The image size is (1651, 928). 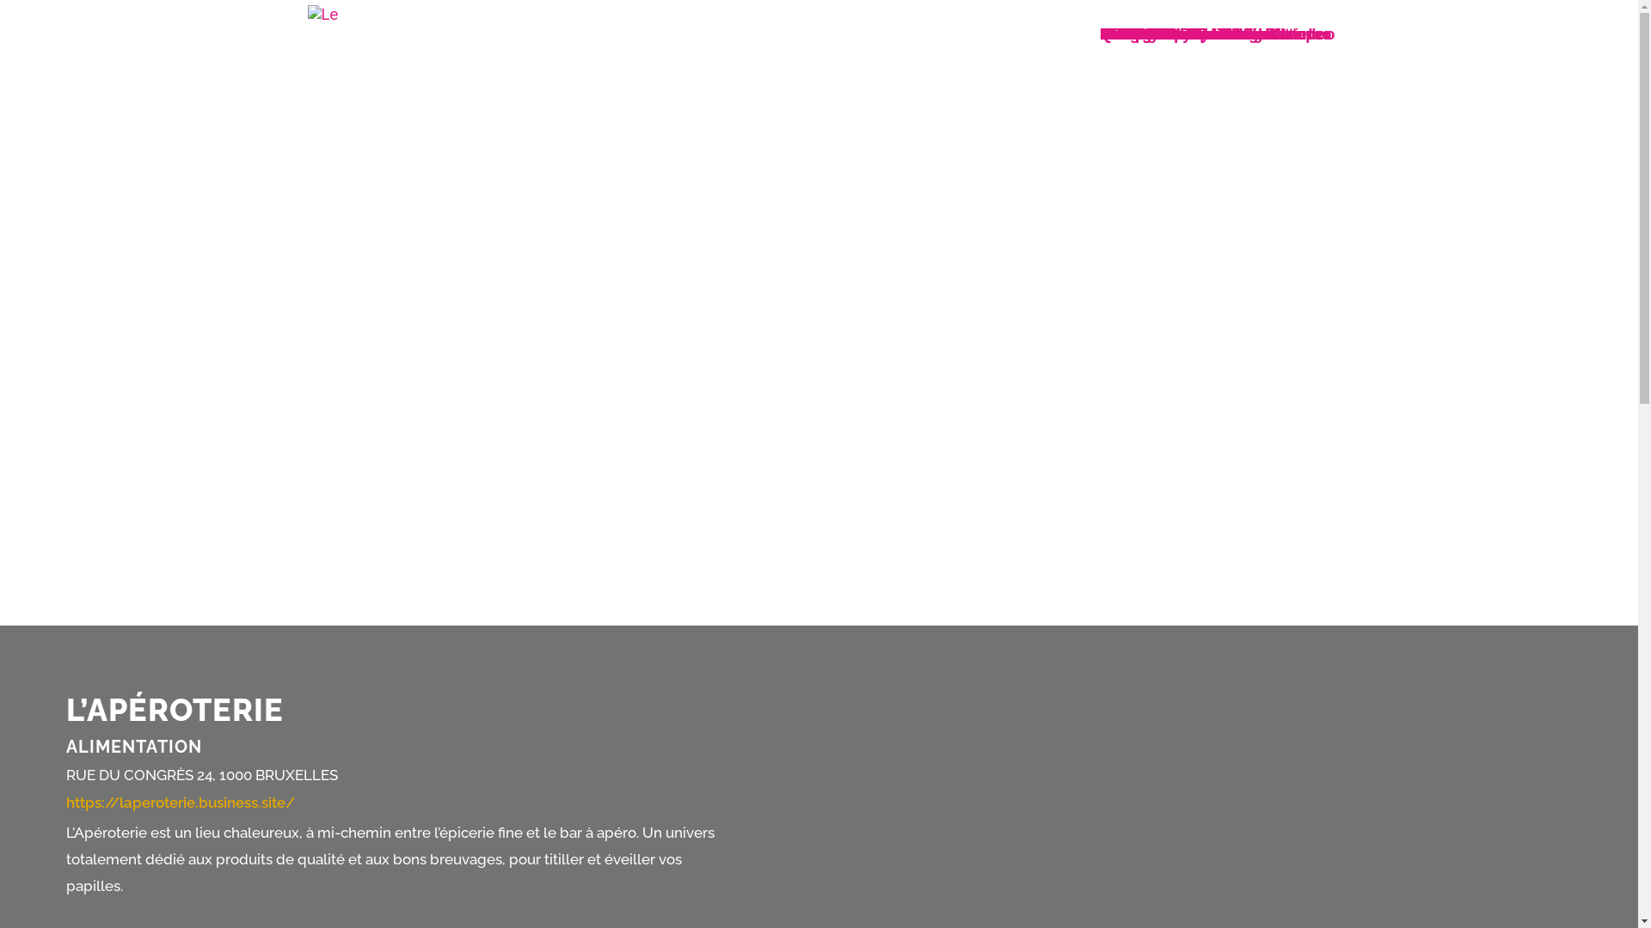 I want to click on 'Louise - Bailli', so click(x=1150, y=34).